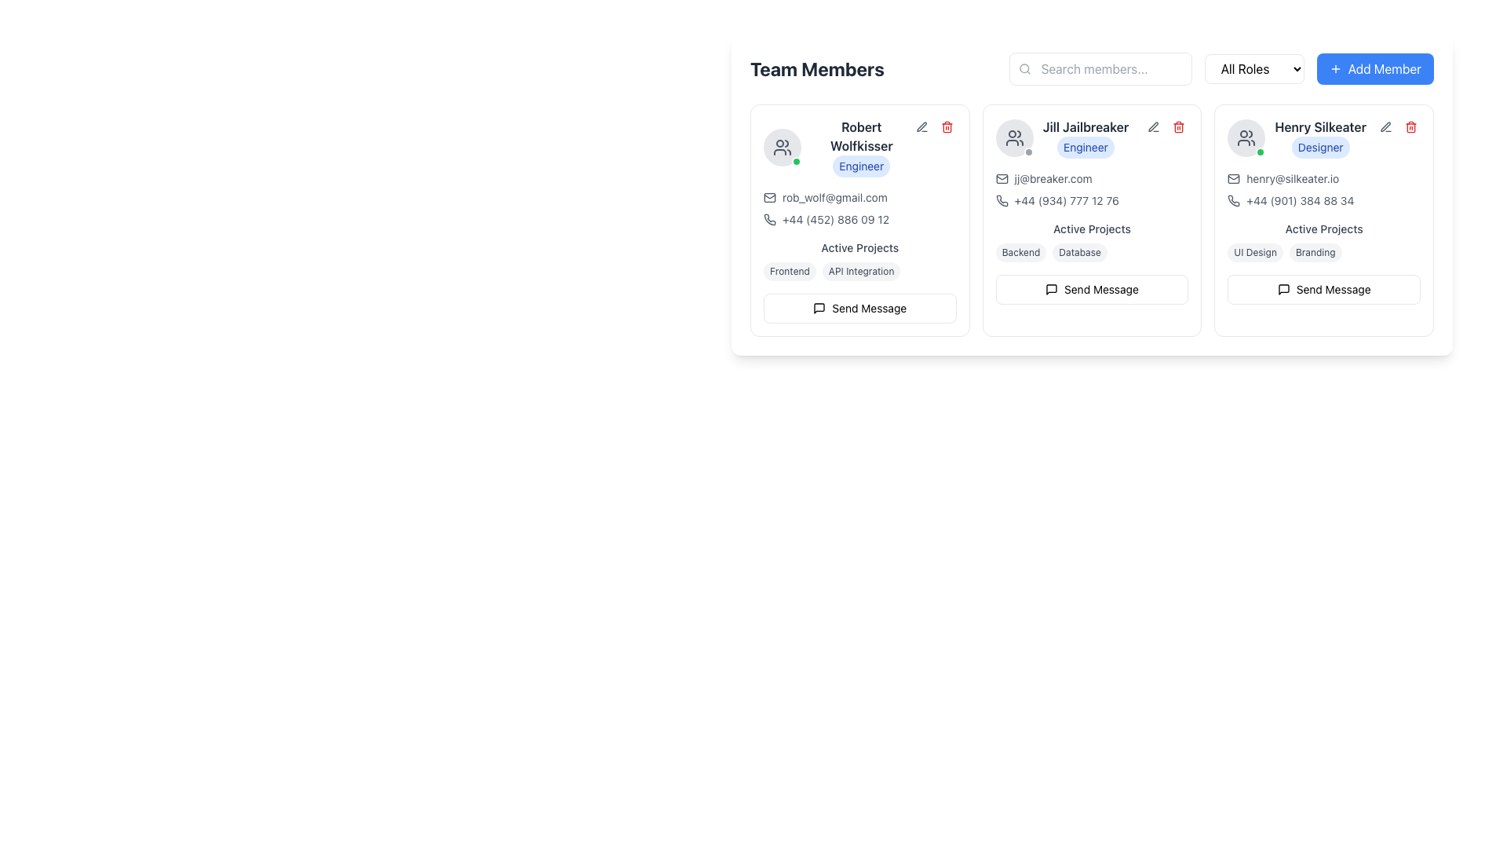 This screenshot has height=848, width=1507. I want to click on the Tags group displaying 'Backend' and 'Database', so click(1091, 251).